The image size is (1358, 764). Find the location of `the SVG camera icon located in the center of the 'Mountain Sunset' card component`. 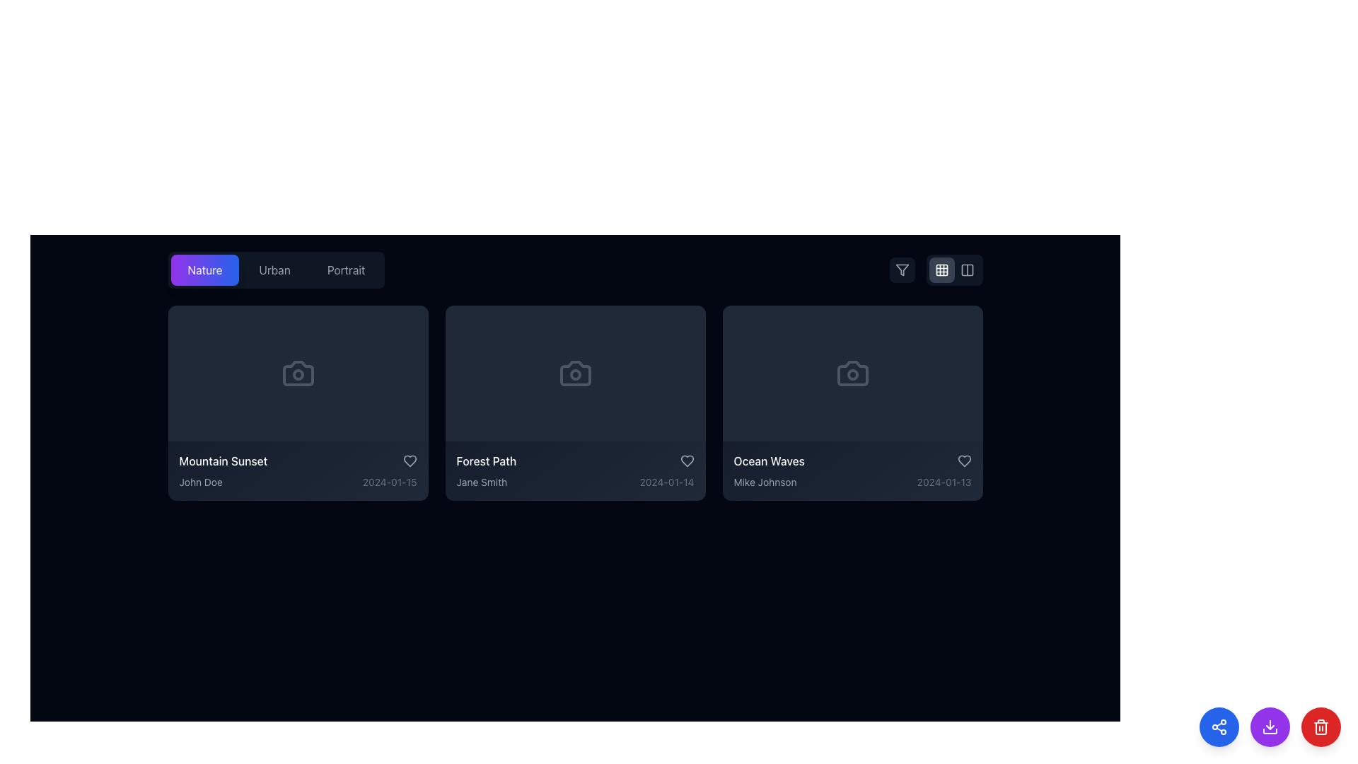

the SVG camera icon located in the center of the 'Mountain Sunset' card component is located at coordinates (297, 373).